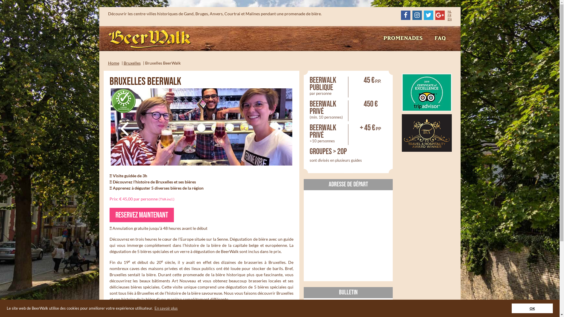  I want to click on 'BeerWalk Twitter', so click(428, 15).